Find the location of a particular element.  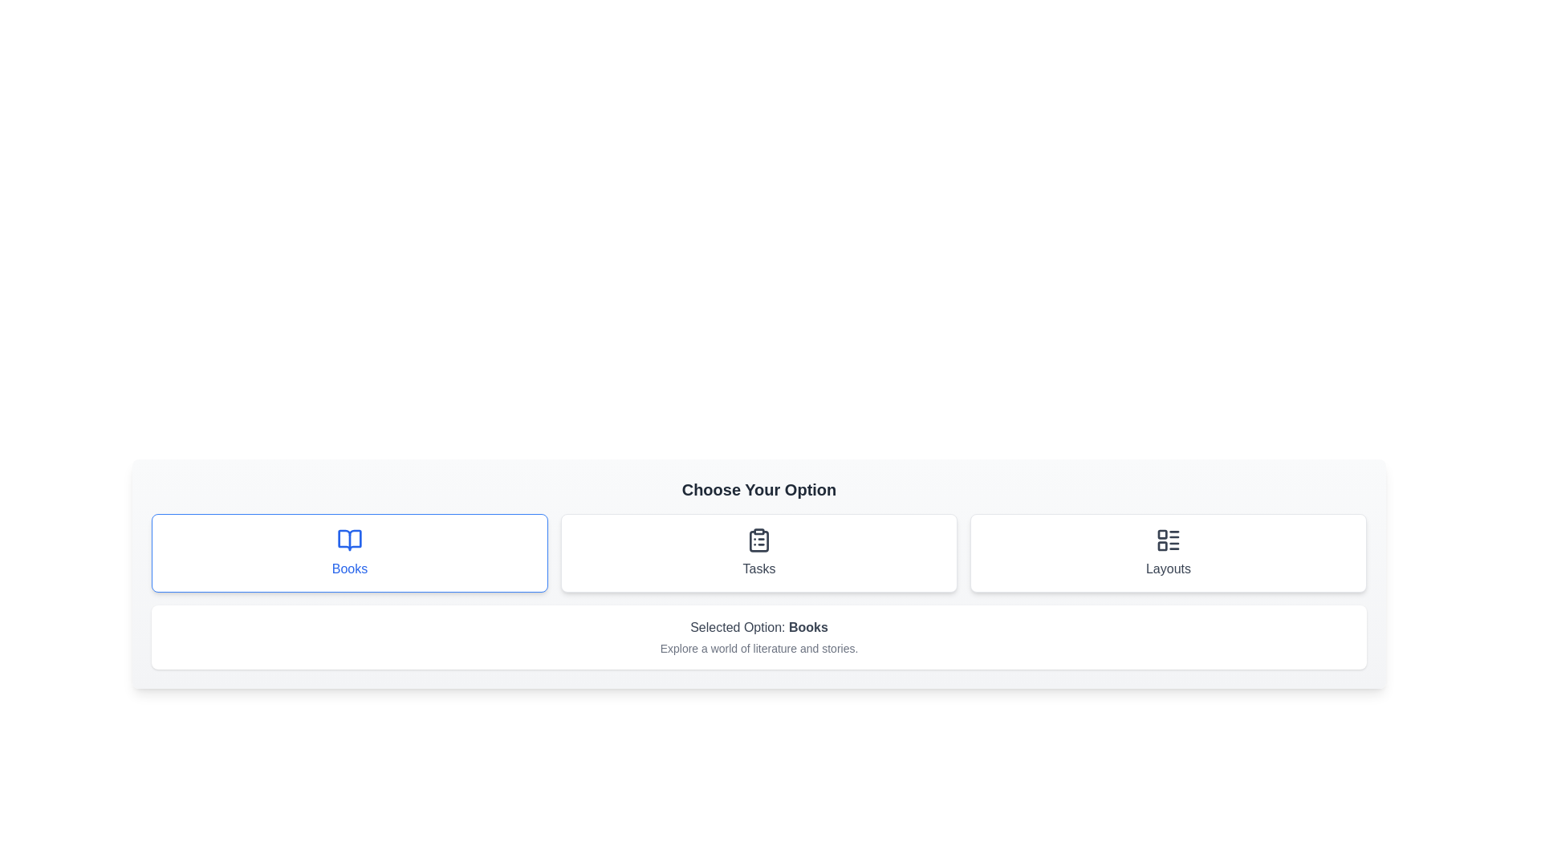

the text label stating 'Selected Option: Books', which is styled in medium-dark gray and positioned at the top of its section, just above the descriptor text is located at coordinates (758, 627).